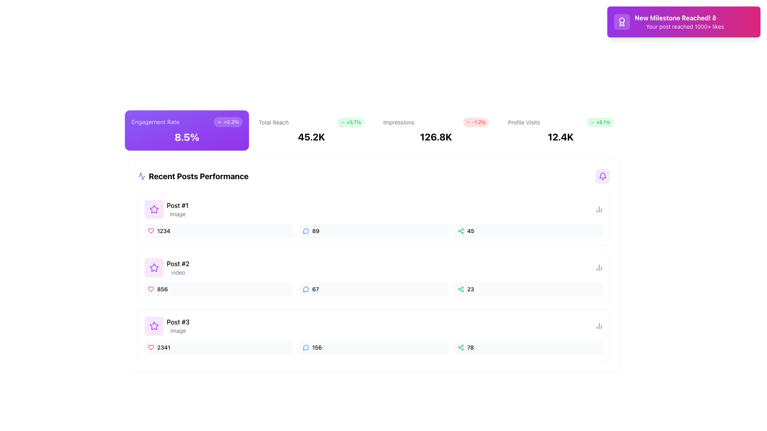  Describe the element at coordinates (461, 347) in the screenshot. I see `the share icon located at the far right of the third row in the 'Recent Posts Performance' table, adjacent to the numeric value '78'` at that location.